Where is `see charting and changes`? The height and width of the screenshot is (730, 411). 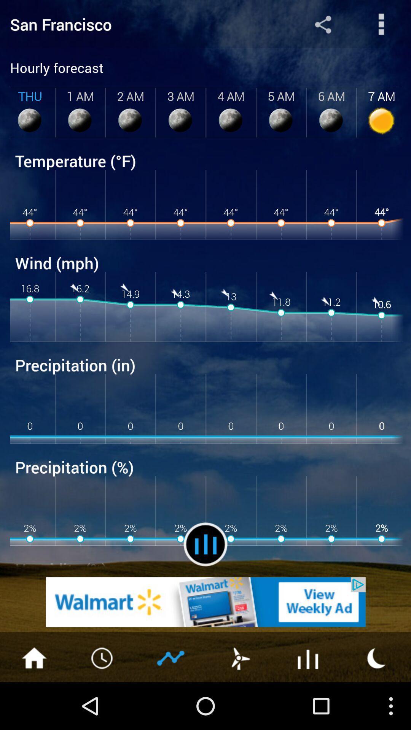
see charting and changes is located at coordinates (171, 657).